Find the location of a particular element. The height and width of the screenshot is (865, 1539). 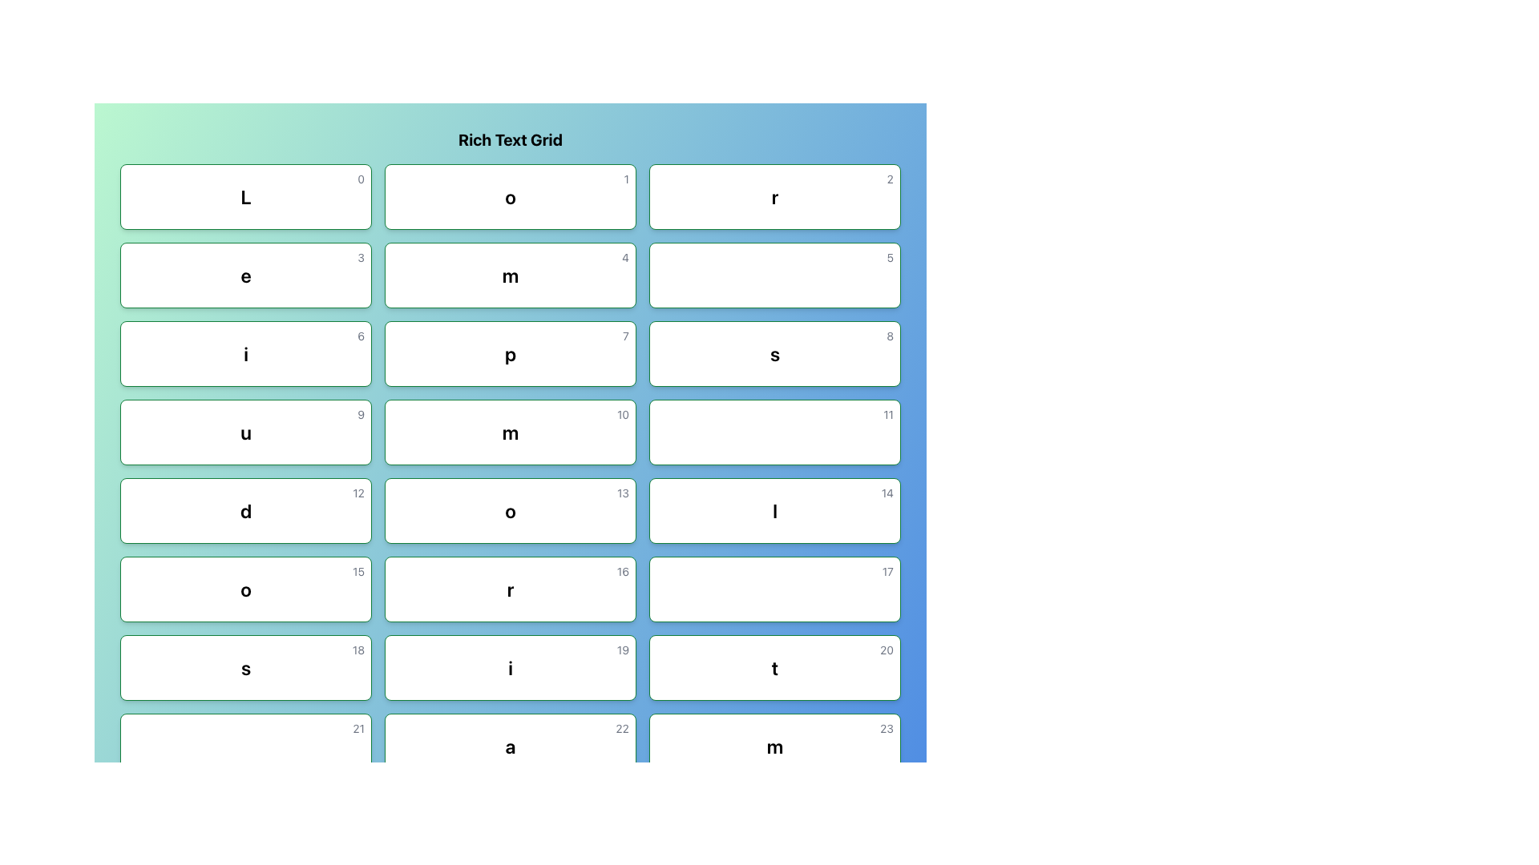

the Interactive Card positioned in the second row and third column of the grid layout is located at coordinates (774, 353).